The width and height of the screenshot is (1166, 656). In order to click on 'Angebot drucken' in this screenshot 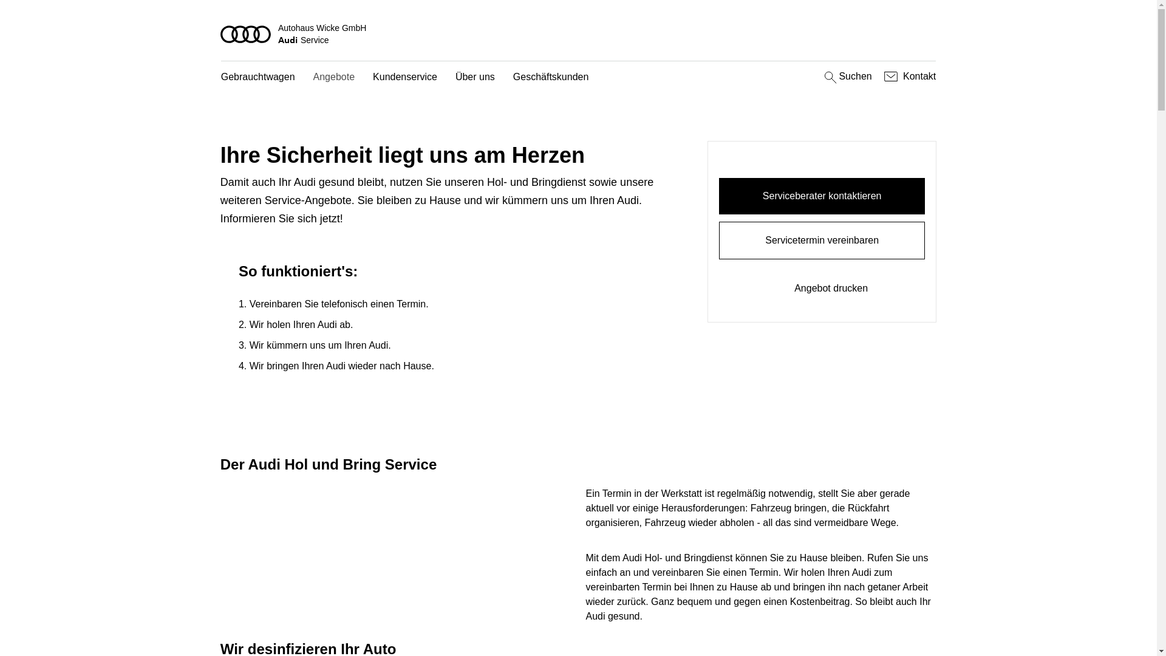, I will do `click(822, 288)`.